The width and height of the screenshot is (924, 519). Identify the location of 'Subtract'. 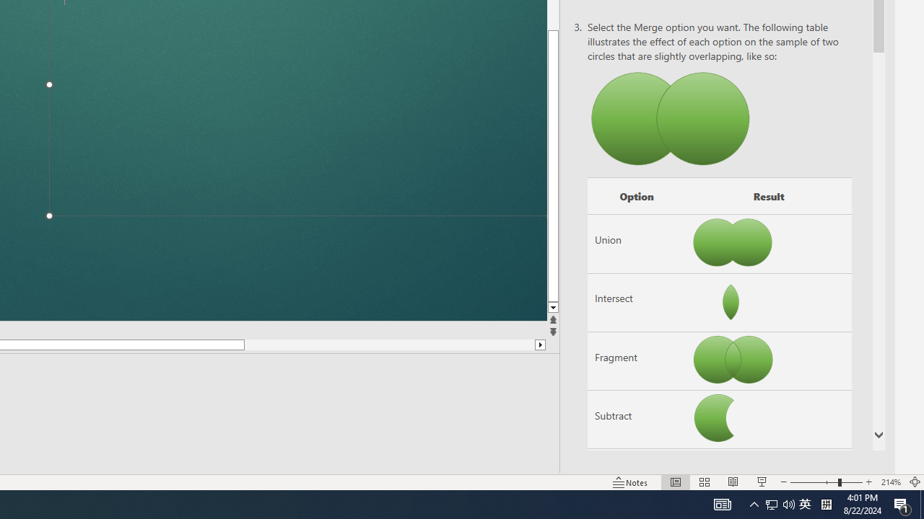
(635, 420).